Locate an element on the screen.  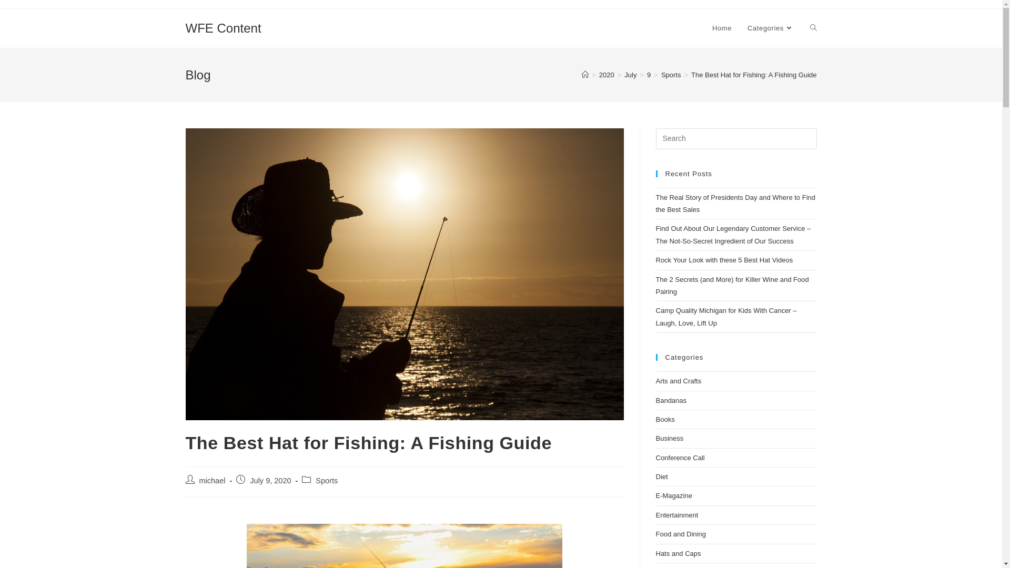
'Home' is located at coordinates (721, 28).